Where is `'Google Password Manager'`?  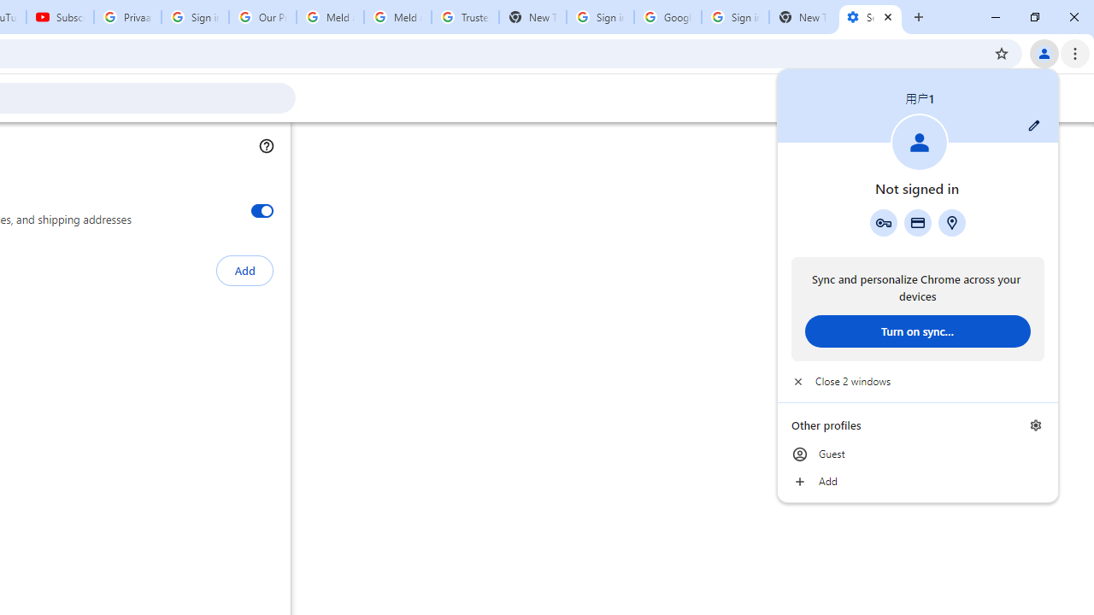 'Google Password Manager' is located at coordinates (883, 222).